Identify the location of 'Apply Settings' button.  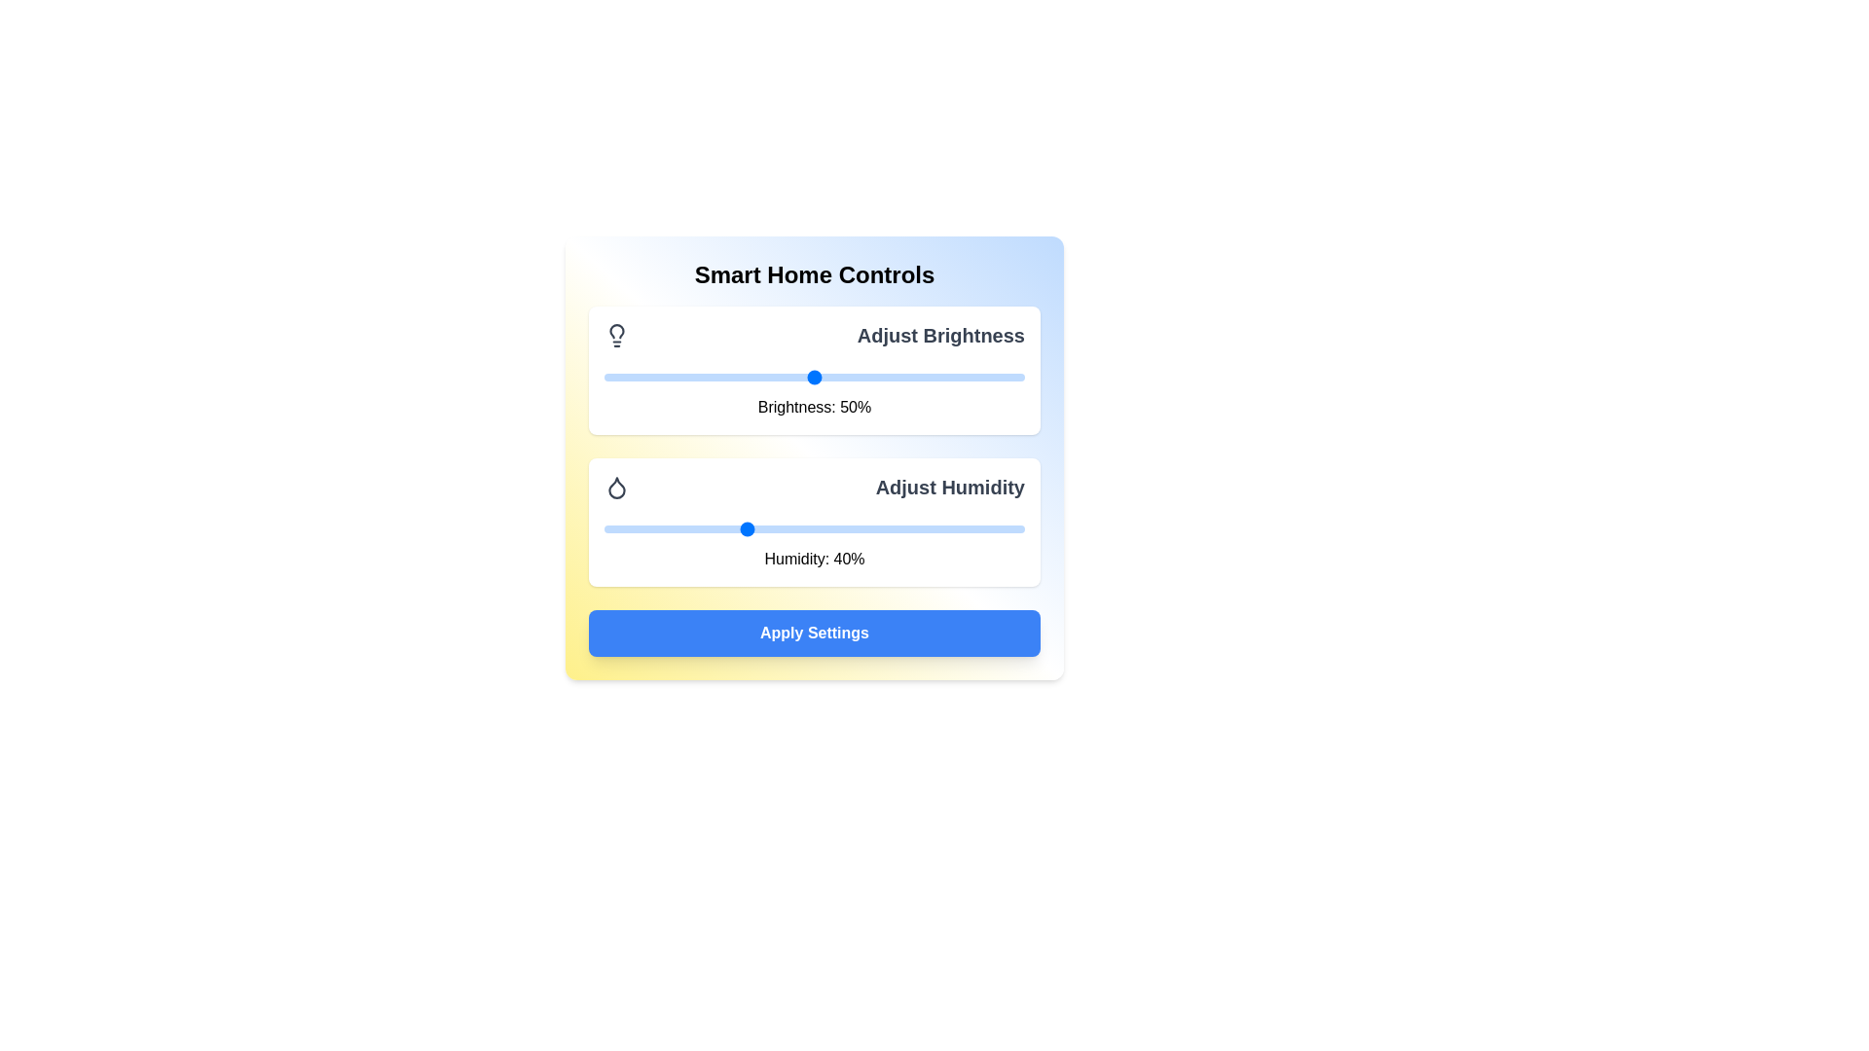
(814, 634).